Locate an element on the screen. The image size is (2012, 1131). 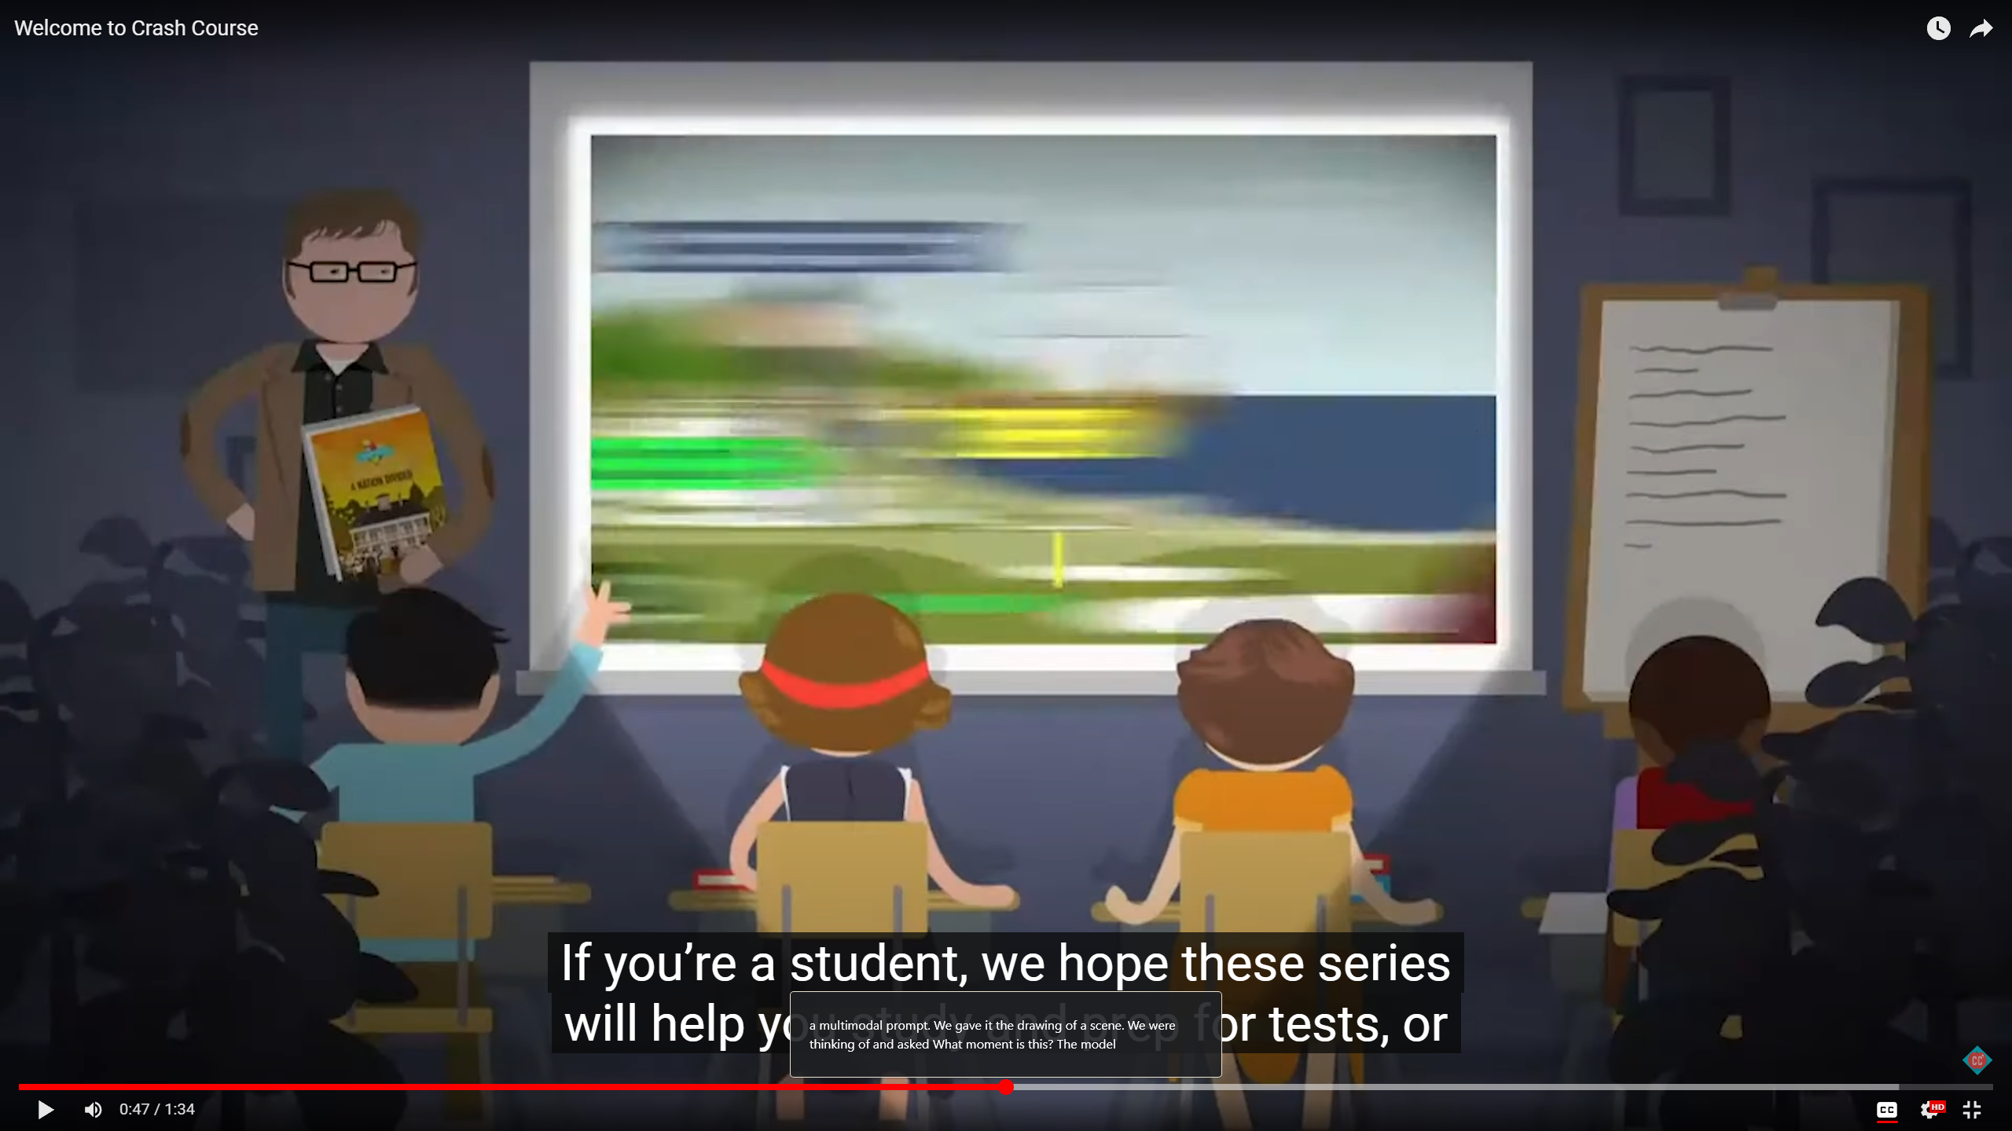
'Mute (m)' is located at coordinates (93, 1109).